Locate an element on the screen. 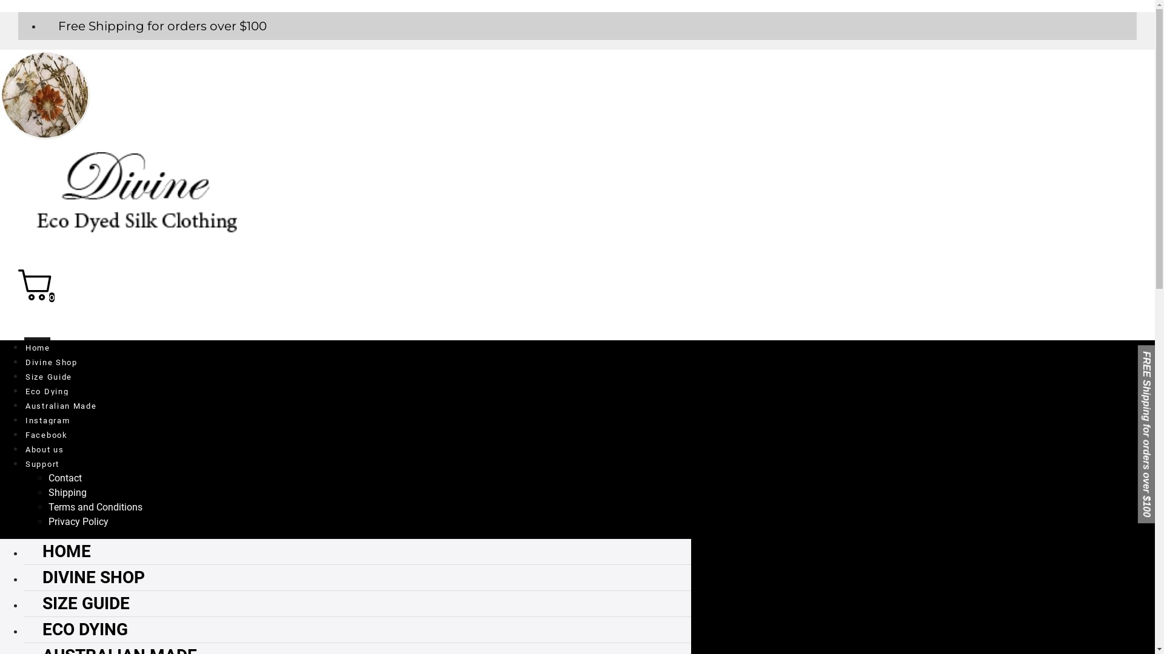 The image size is (1164, 654). 'Home' is located at coordinates (37, 345).